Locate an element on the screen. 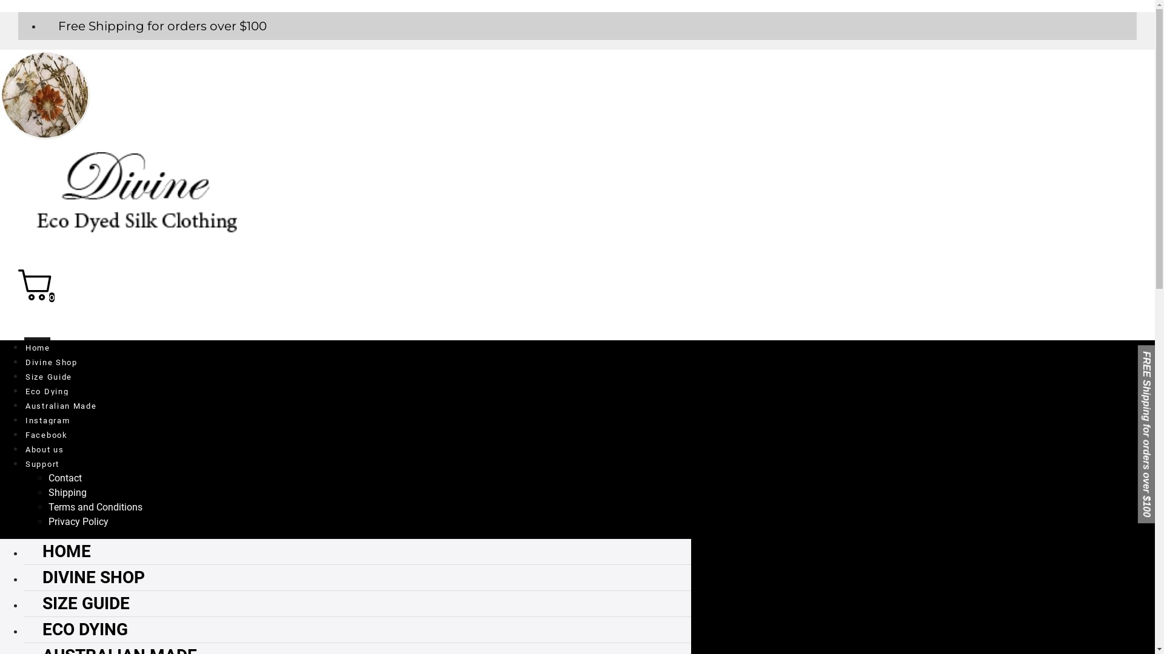 The image size is (1164, 654). 'Home' is located at coordinates (37, 345).